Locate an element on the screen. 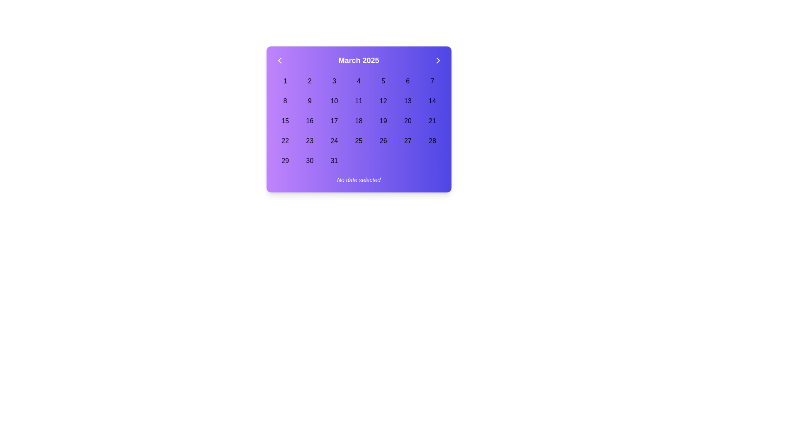 This screenshot has width=796, height=448. the calendar button representing the 29th of March 2025, located in the last row and first column of the calendar grid is located at coordinates (285, 161).